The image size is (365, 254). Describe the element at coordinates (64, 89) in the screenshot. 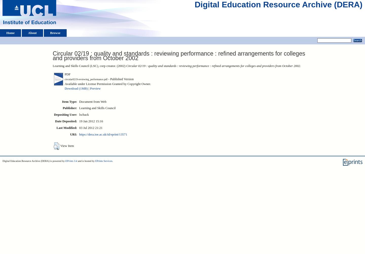

I see `'Download (1MB)'` at that location.